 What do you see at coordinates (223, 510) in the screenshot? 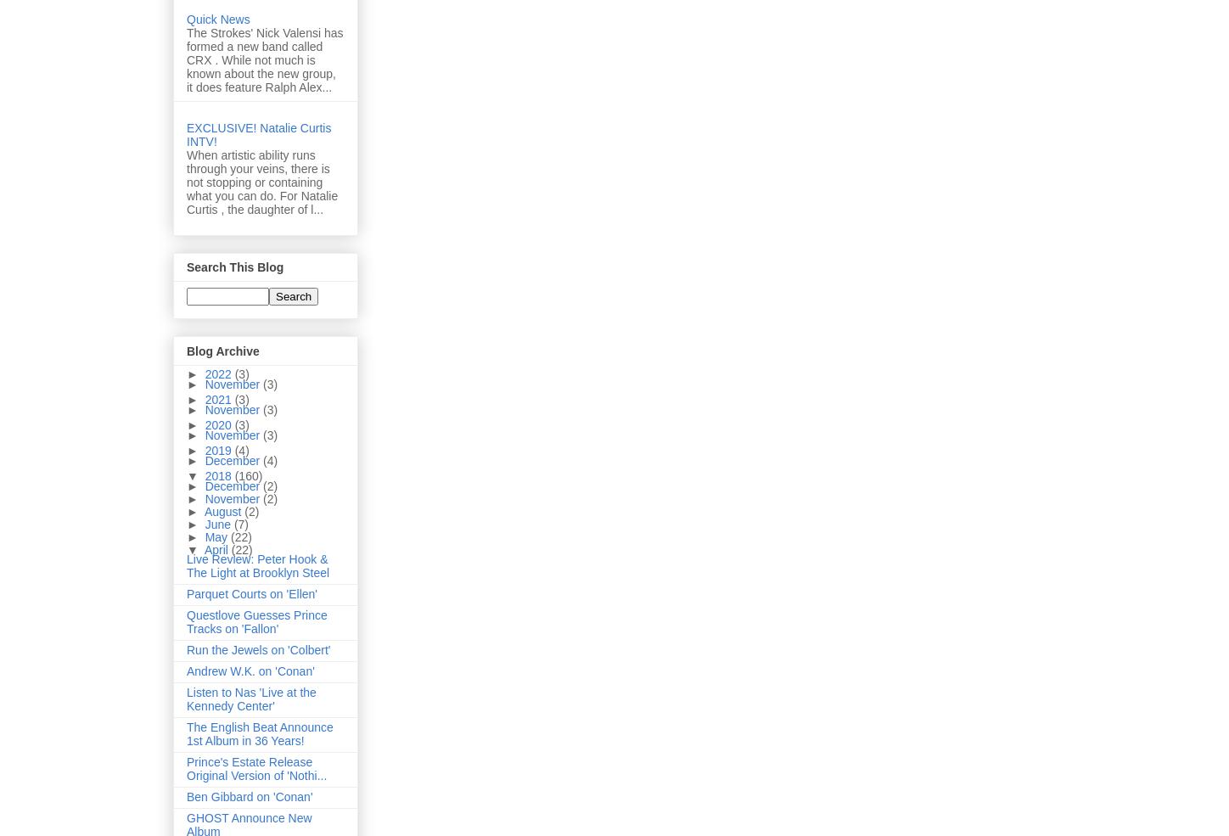
I see `'August'` at bounding box center [223, 510].